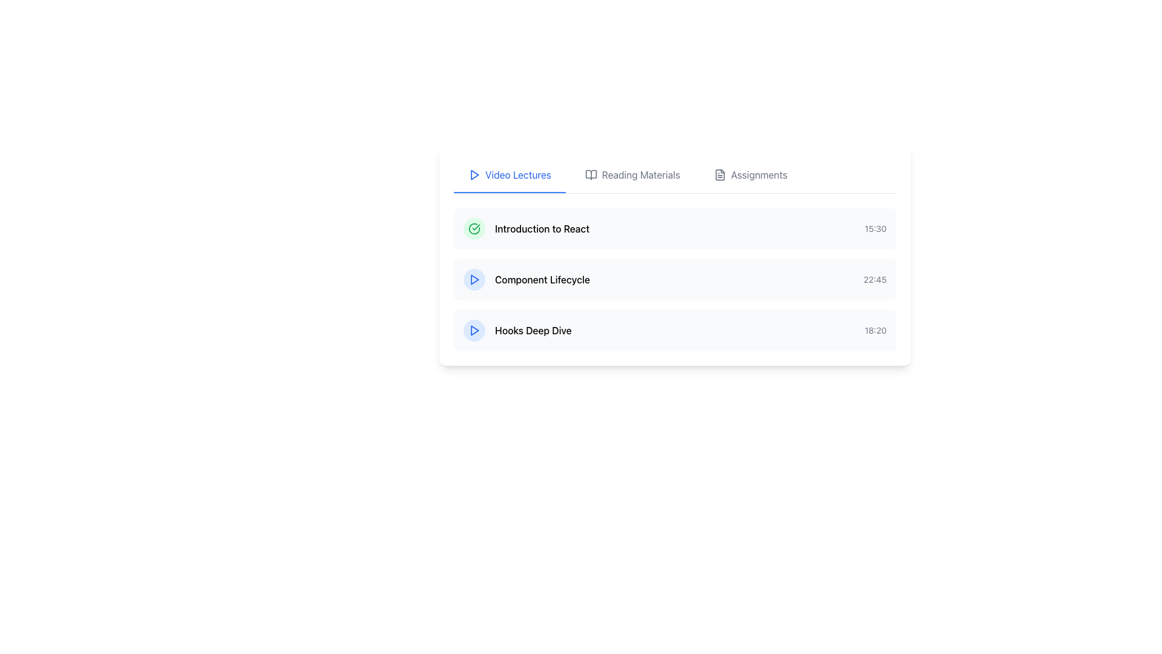 The height and width of the screenshot is (654, 1162). What do you see at coordinates (526, 229) in the screenshot?
I see `the text label 'Introduction to React' located in the first row of the 'Video Lectures' section` at bounding box center [526, 229].